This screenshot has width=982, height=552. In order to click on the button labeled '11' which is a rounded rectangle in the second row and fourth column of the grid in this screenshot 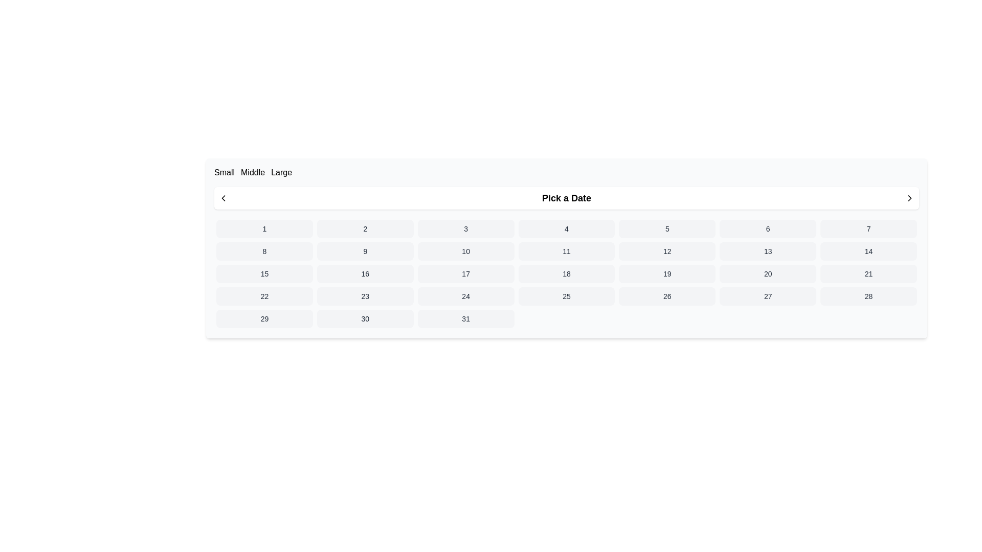, I will do `click(566, 251)`.